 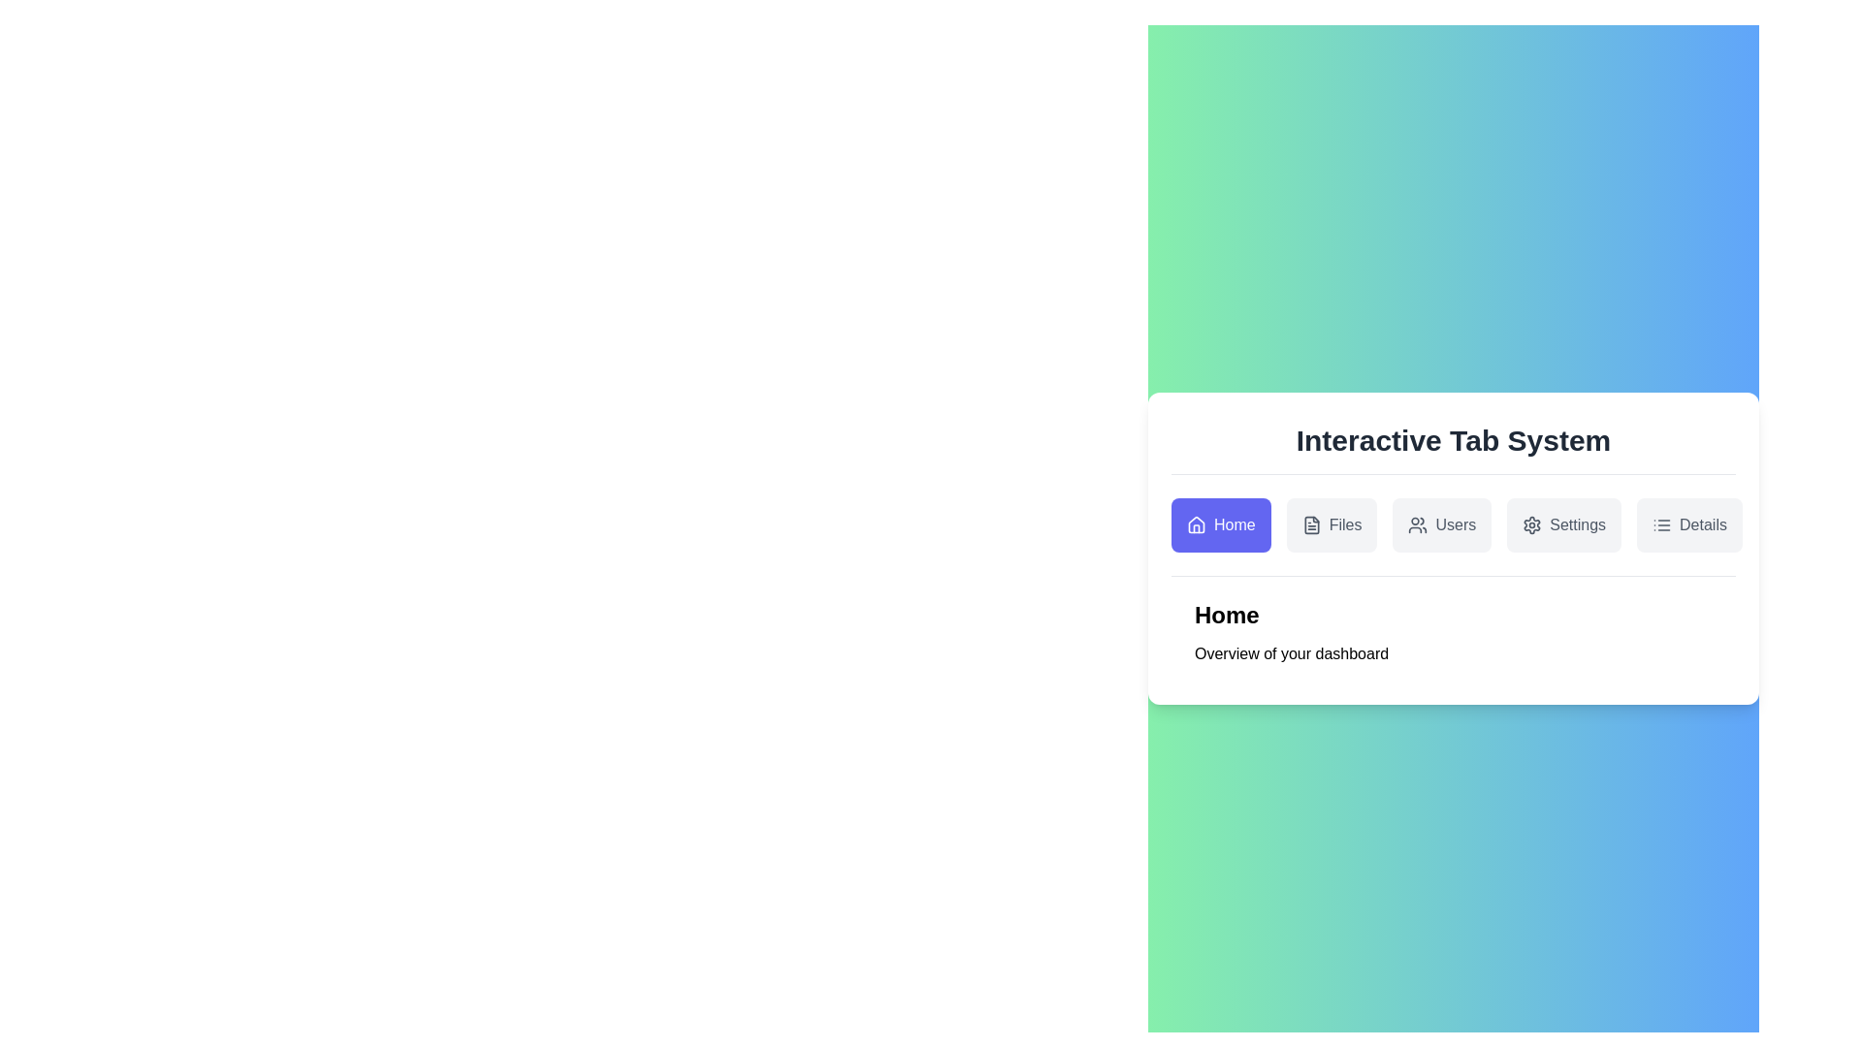 I want to click on the 'Details' button located on the far right of the horizontal navigation bar, so click(x=1688, y=525).